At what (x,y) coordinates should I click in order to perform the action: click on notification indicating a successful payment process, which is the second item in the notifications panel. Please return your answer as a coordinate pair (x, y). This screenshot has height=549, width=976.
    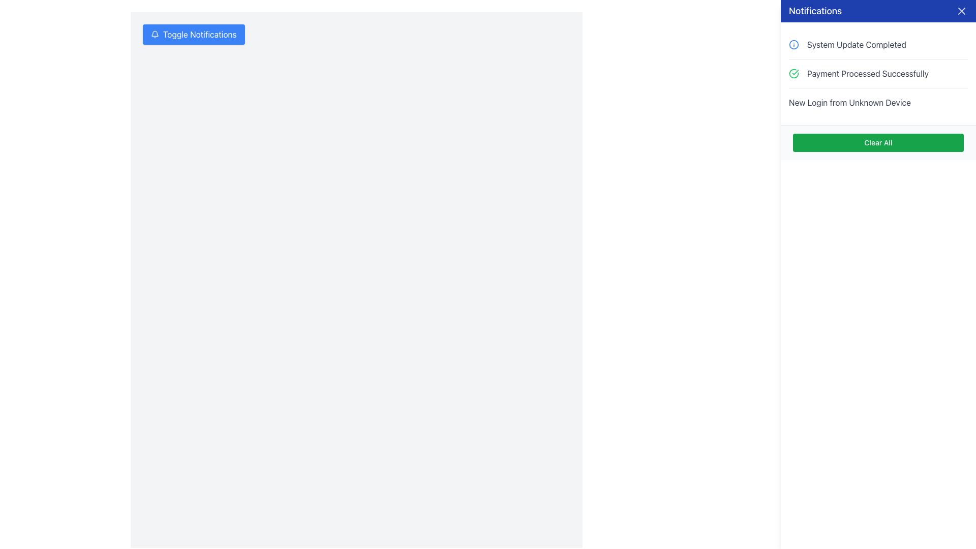
    Looking at the image, I should click on (878, 73).